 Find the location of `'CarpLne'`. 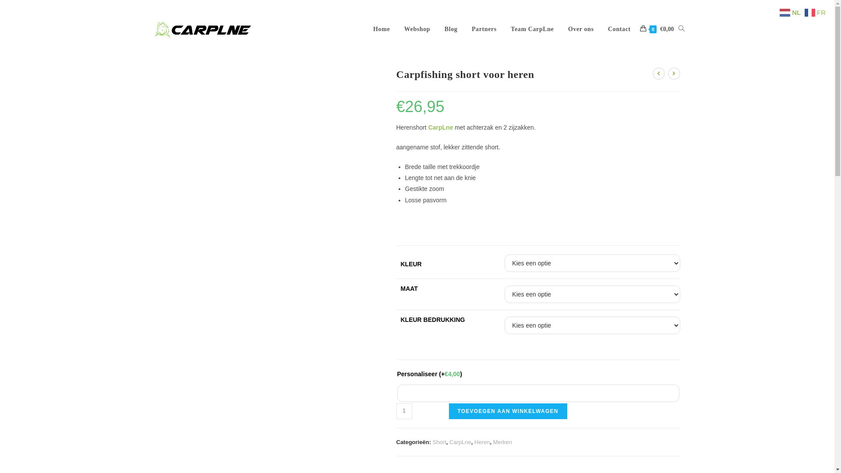

'CarpLne' is located at coordinates (441, 127).